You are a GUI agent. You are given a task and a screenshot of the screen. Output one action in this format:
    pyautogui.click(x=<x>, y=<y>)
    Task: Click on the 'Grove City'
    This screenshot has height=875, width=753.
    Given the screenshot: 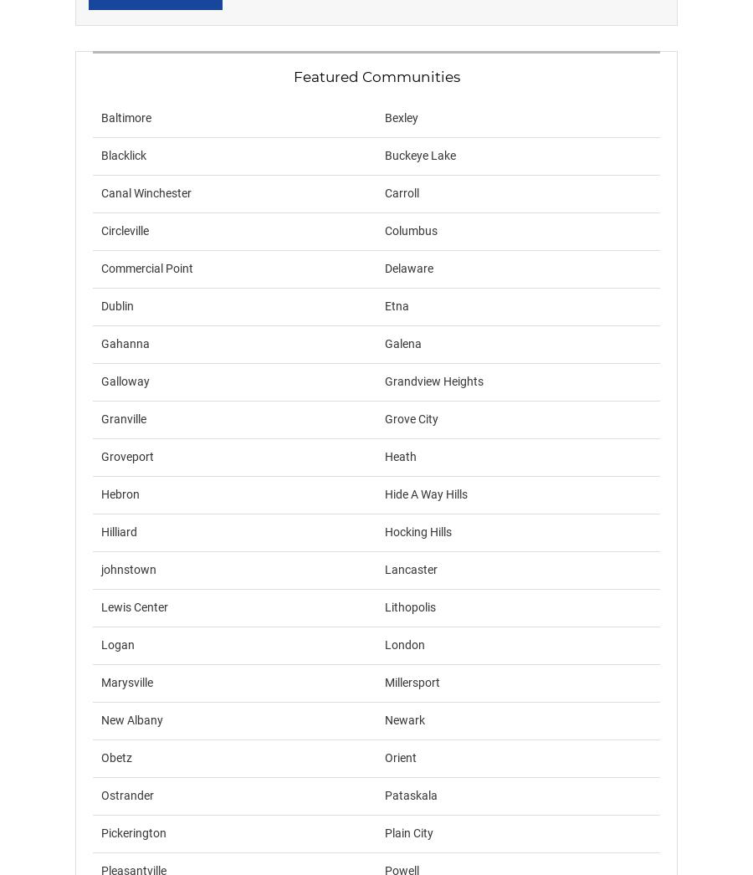 What is the action you would take?
    pyautogui.click(x=411, y=419)
    